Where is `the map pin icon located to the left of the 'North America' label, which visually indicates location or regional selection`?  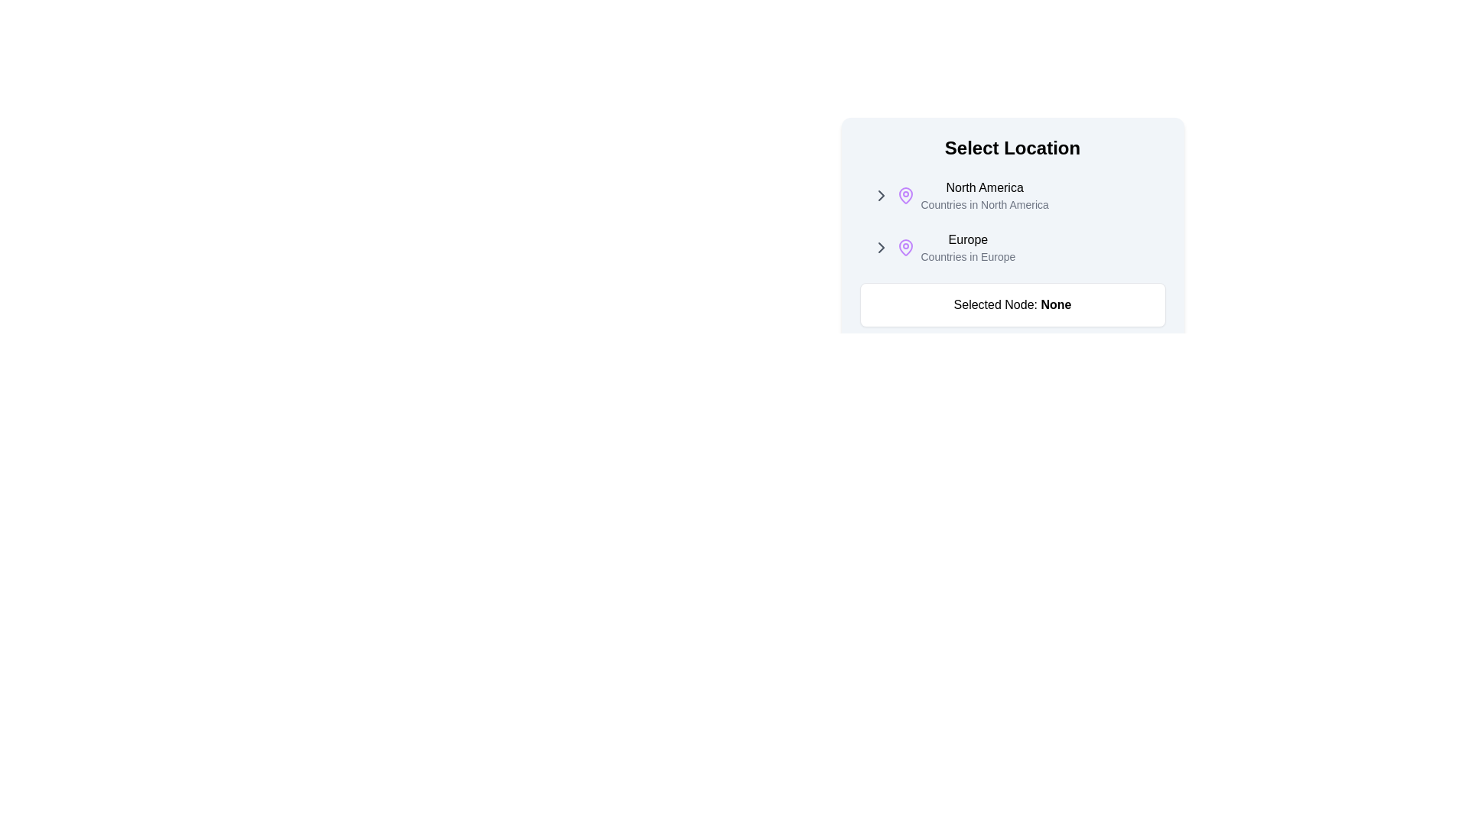 the map pin icon located to the left of the 'North America' label, which visually indicates location or regional selection is located at coordinates (905, 194).